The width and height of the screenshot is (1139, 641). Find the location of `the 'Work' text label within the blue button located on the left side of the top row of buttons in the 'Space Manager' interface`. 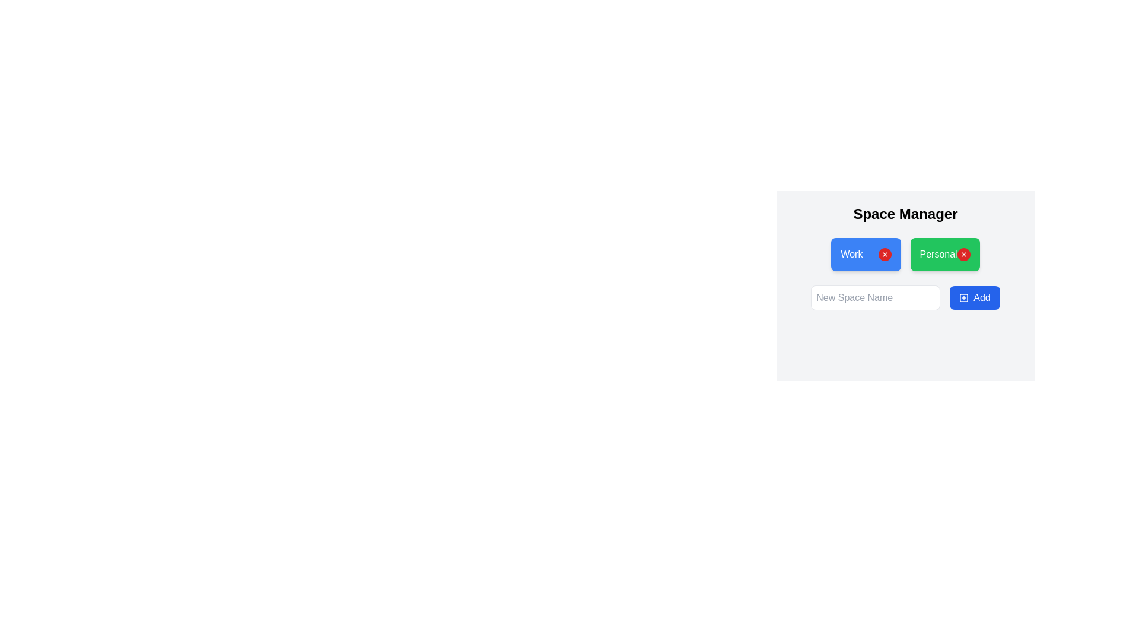

the 'Work' text label within the blue button located on the left side of the top row of buttons in the 'Space Manager' interface is located at coordinates (851, 253).